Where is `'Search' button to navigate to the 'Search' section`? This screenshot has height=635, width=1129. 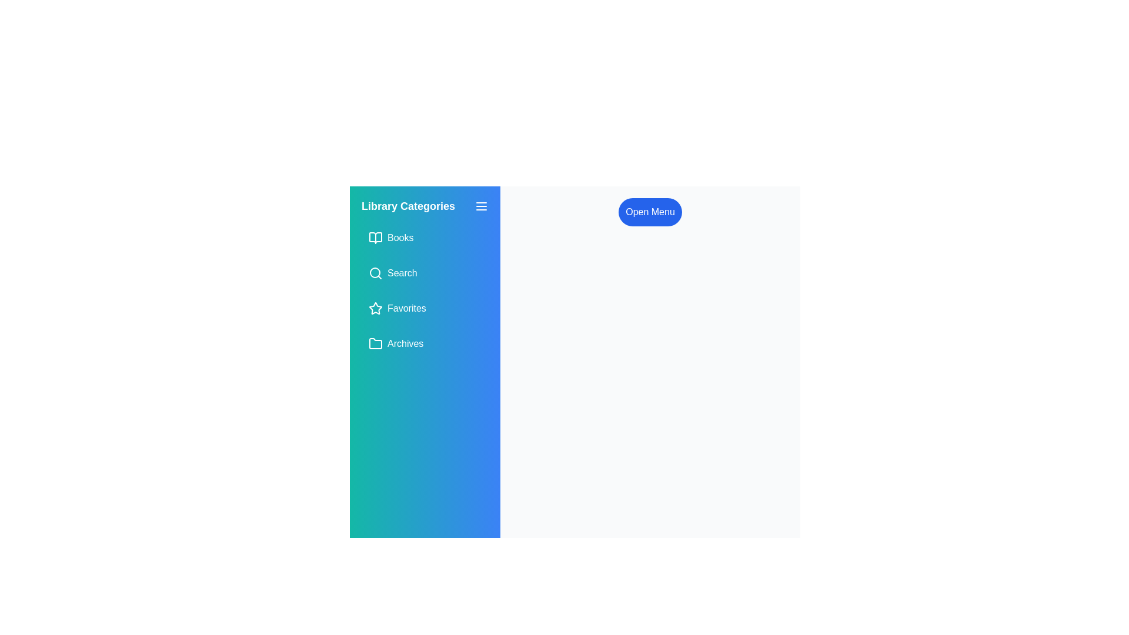
'Search' button to navigate to the 'Search' section is located at coordinates (425, 273).